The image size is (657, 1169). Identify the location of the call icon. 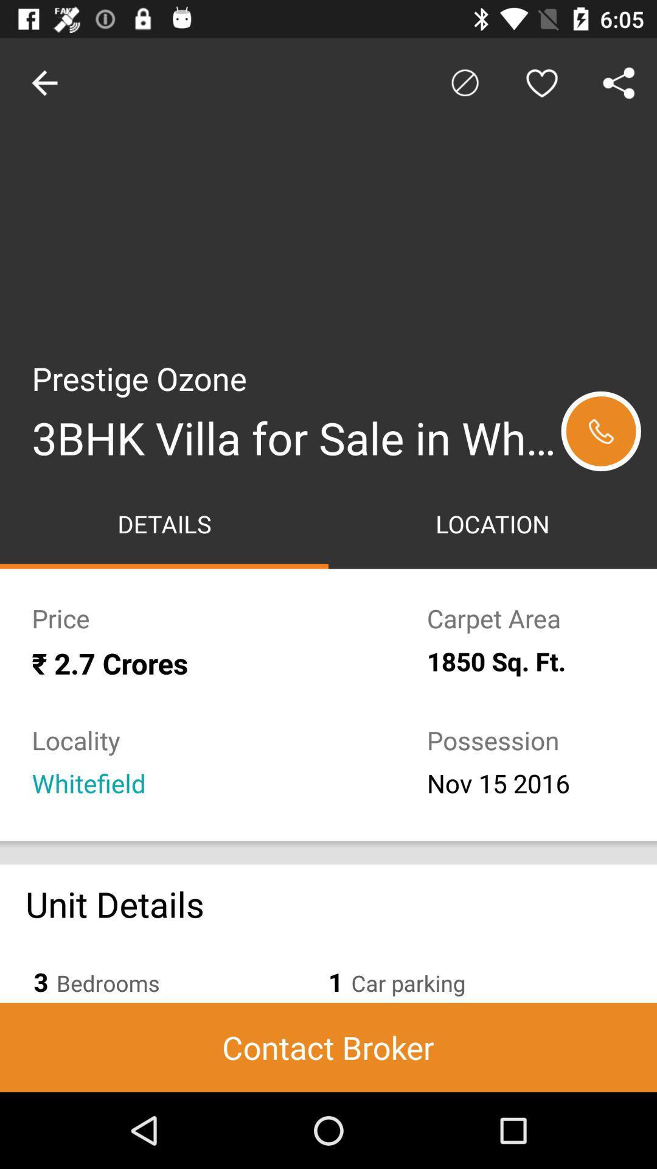
(600, 431).